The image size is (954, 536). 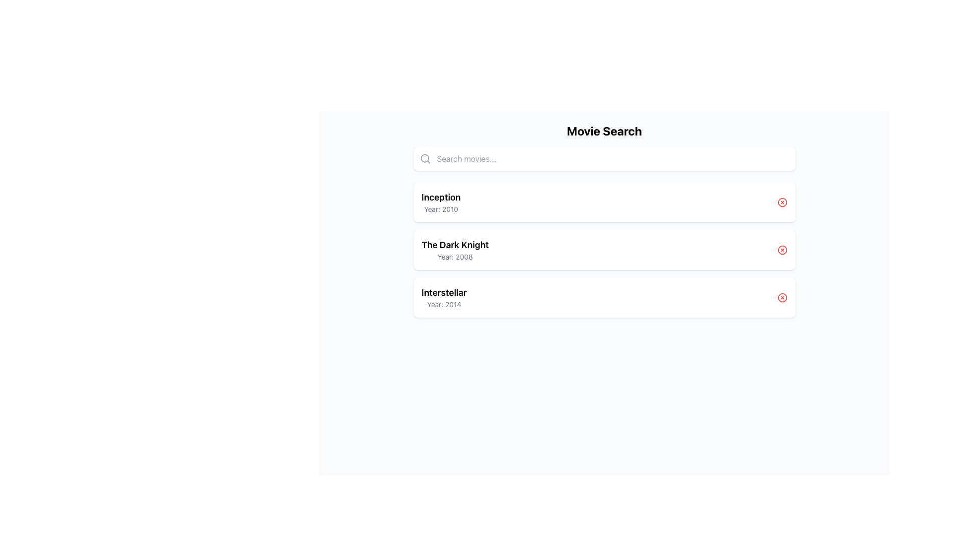 What do you see at coordinates (782, 250) in the screenshot?
I see `the delete button for the movie entry '{The Dark Knight, Year: 2008}'` at bounding box center [782, 250].